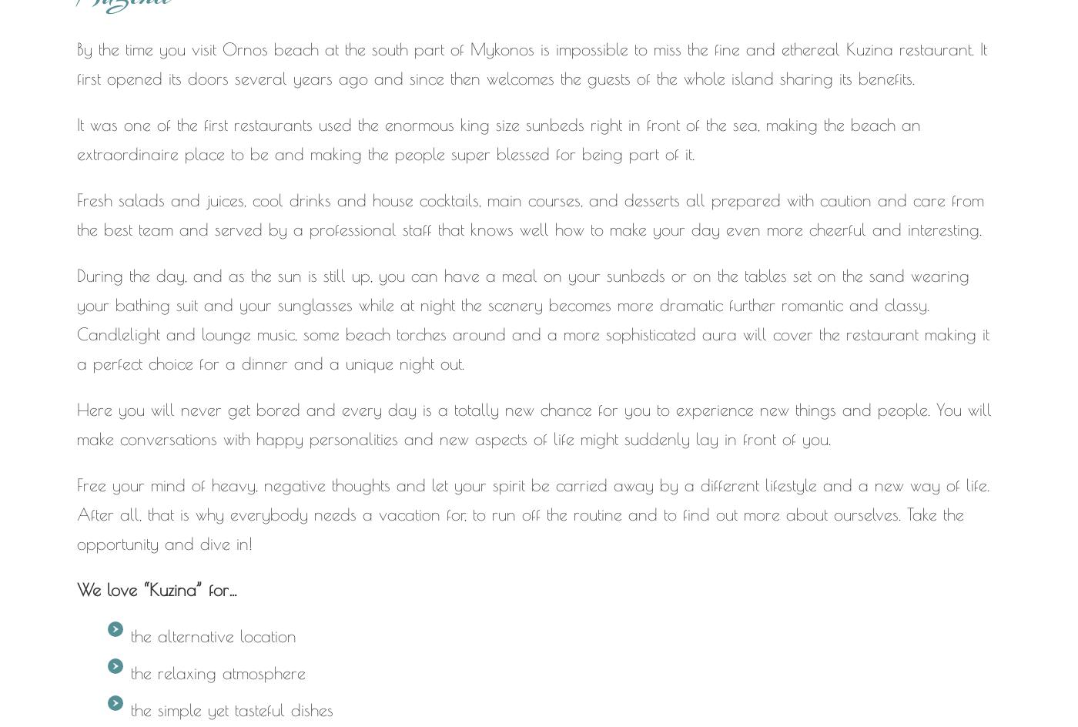  What do you see at coordinates (156, 589) in the screenshot?
I see `'We love “Kuzina” for…'` at bounding box center [156, 589].